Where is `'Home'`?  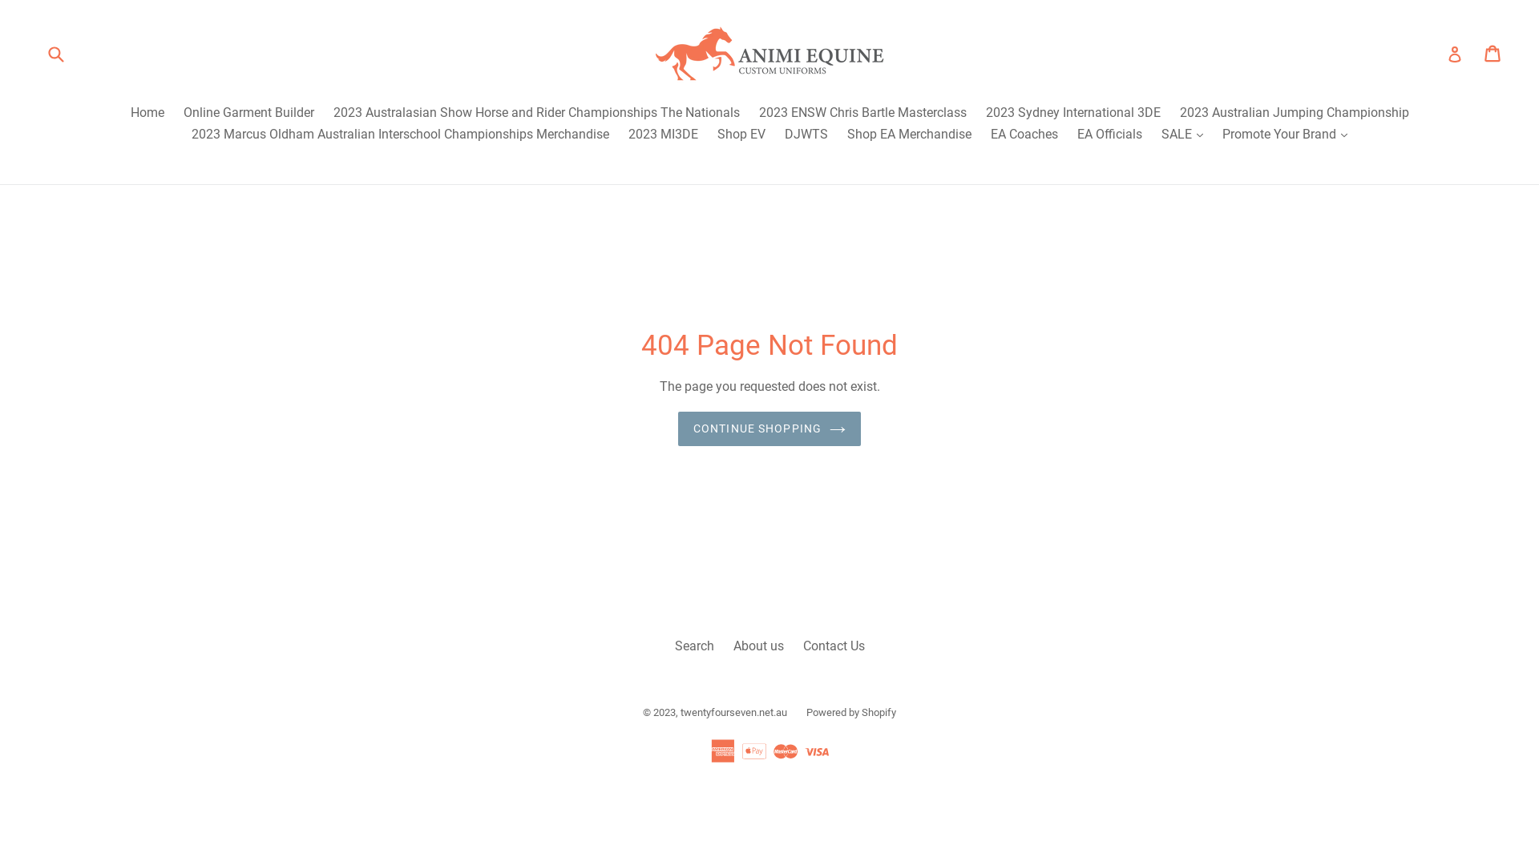 'Home' is located at coordinates (146, 113).